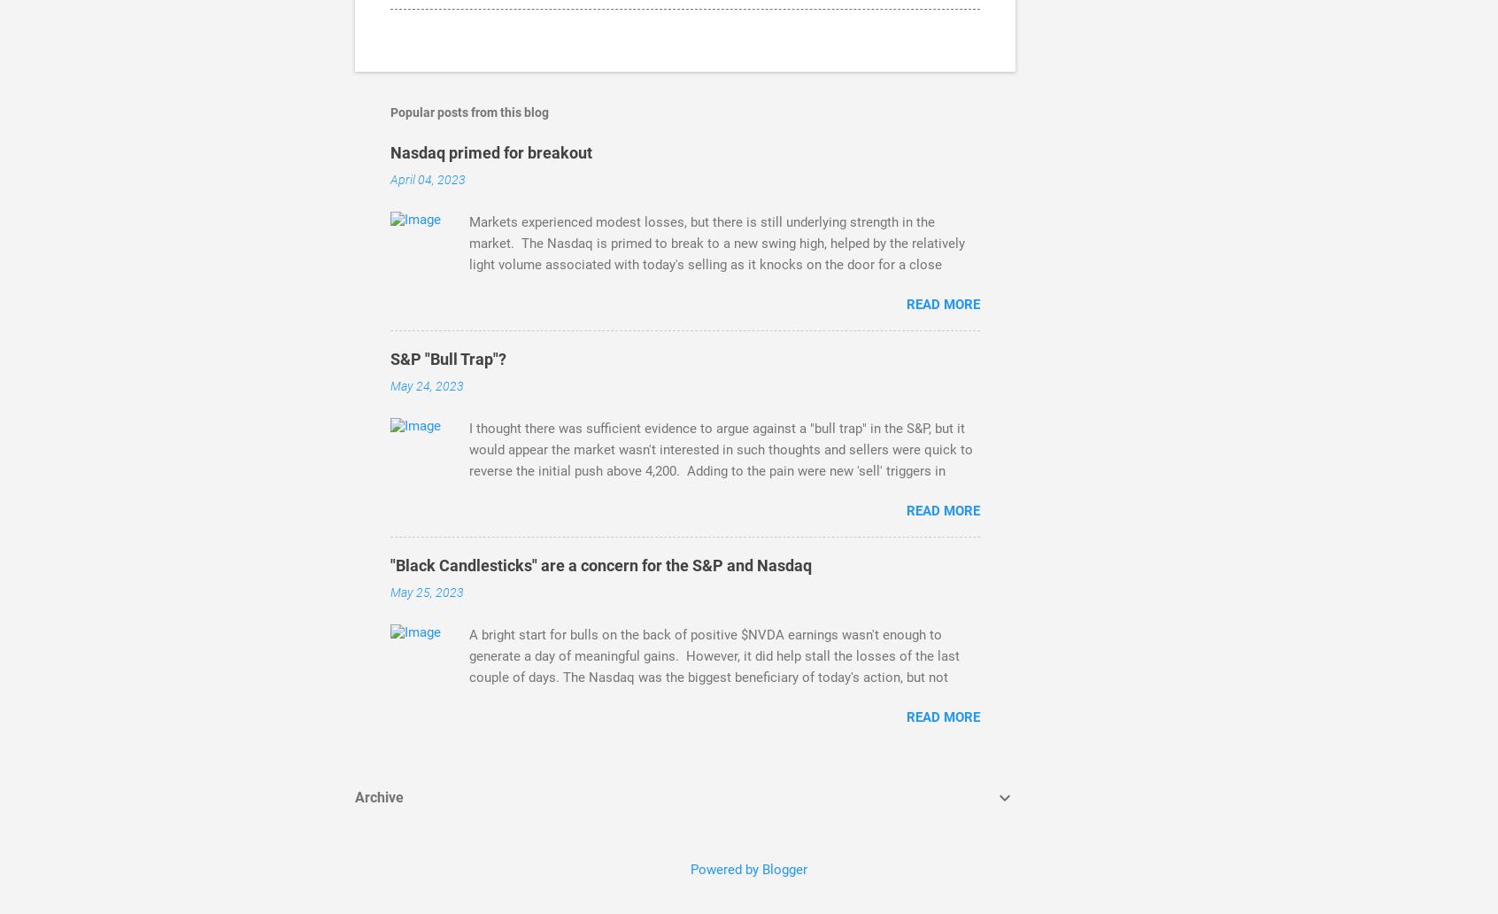 The height and width of the screenshot is (914, 1498). I want to click on 'Nasdaq primed for breakout', so click(490, 151).